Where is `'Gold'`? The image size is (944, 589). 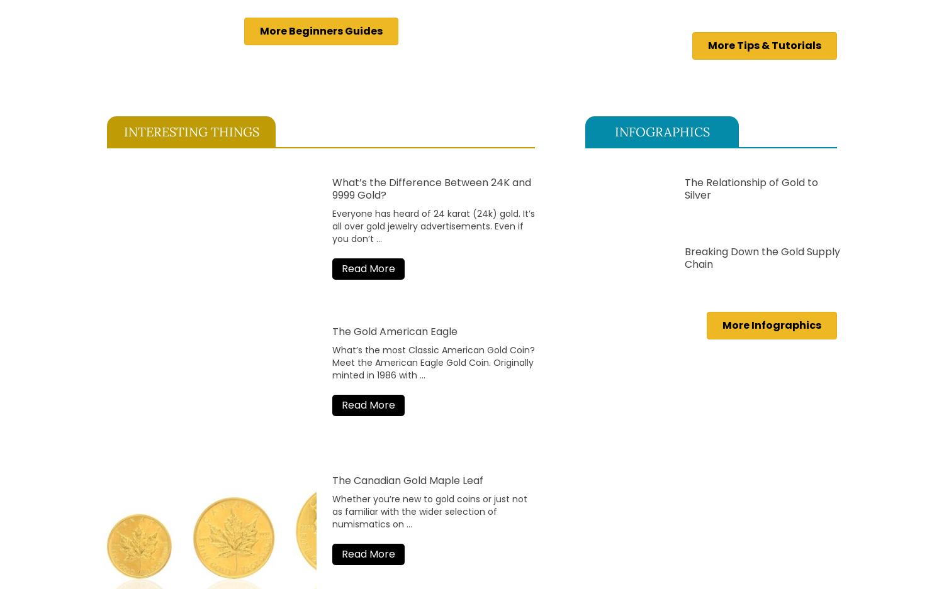 'Gold' is located at coordinates (455, 361).